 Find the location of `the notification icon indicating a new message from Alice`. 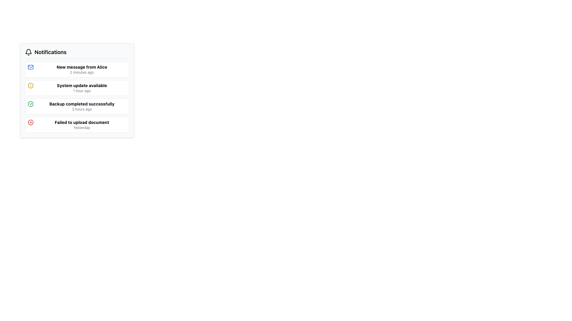

the notification icon indicating a new message from Alice is located at coordinates (30, 67).